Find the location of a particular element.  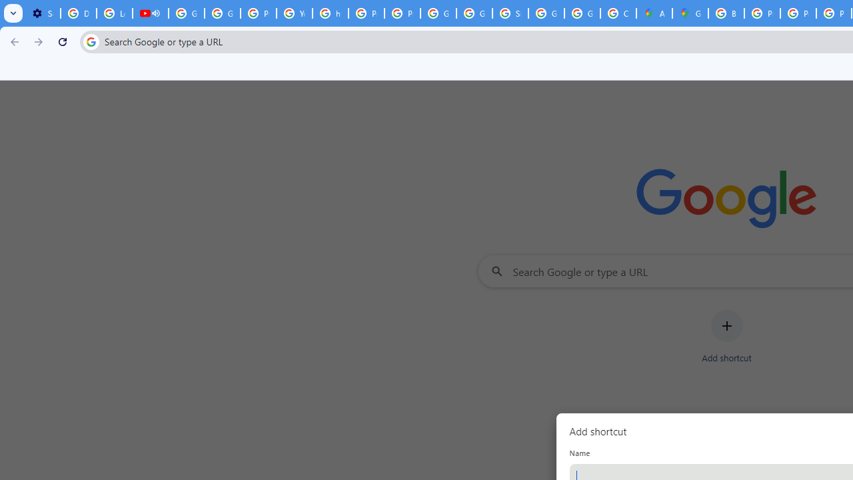

'Privacy Help Center - Policies Help' is located at coordinates (798, 13).